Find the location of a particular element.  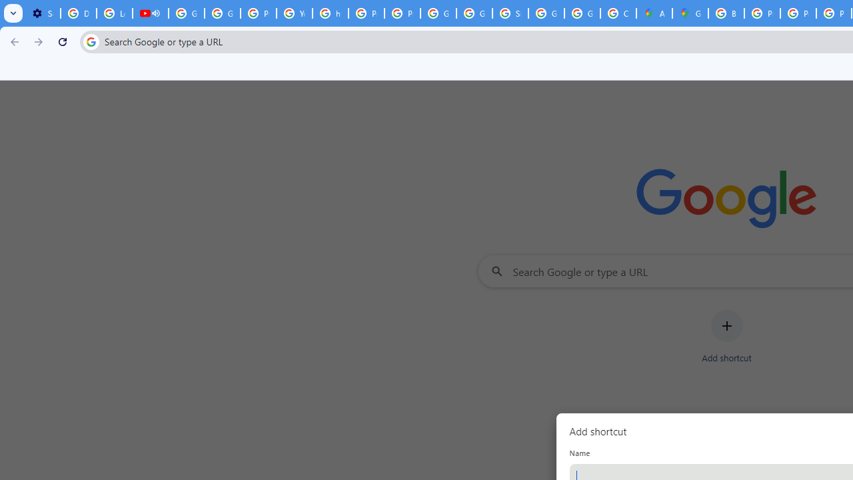

'Privacy Help Center - Policies Help' is located at coordinates (798, 13).